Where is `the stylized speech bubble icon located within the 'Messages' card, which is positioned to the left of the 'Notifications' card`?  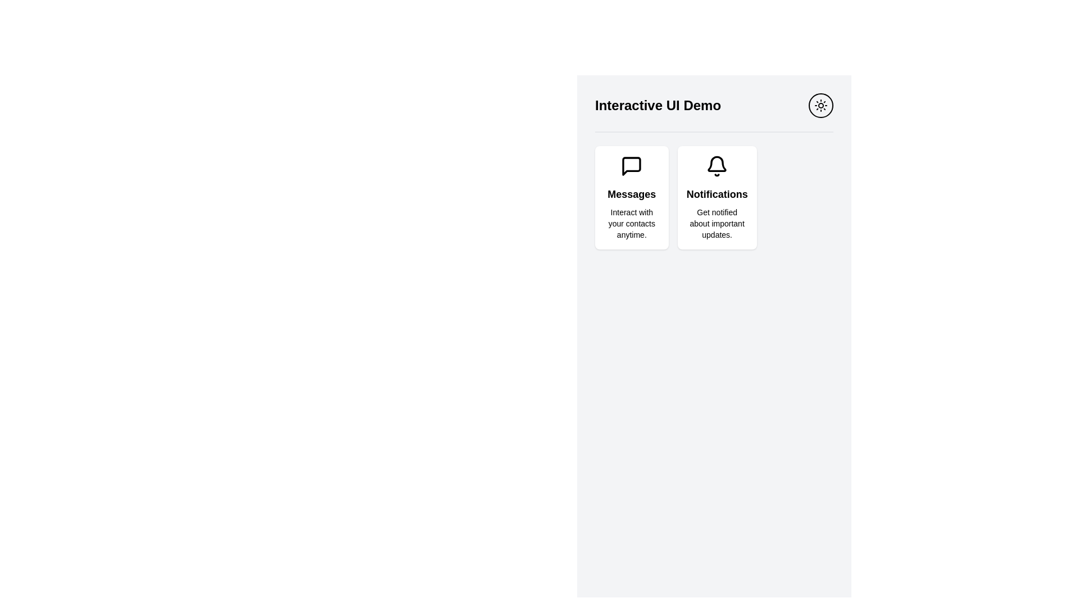
the stylized speech bubble icon located within the 'Messages' card, which is positioned to the left of the 'Notifications' card is located at coordinates (632, 166).